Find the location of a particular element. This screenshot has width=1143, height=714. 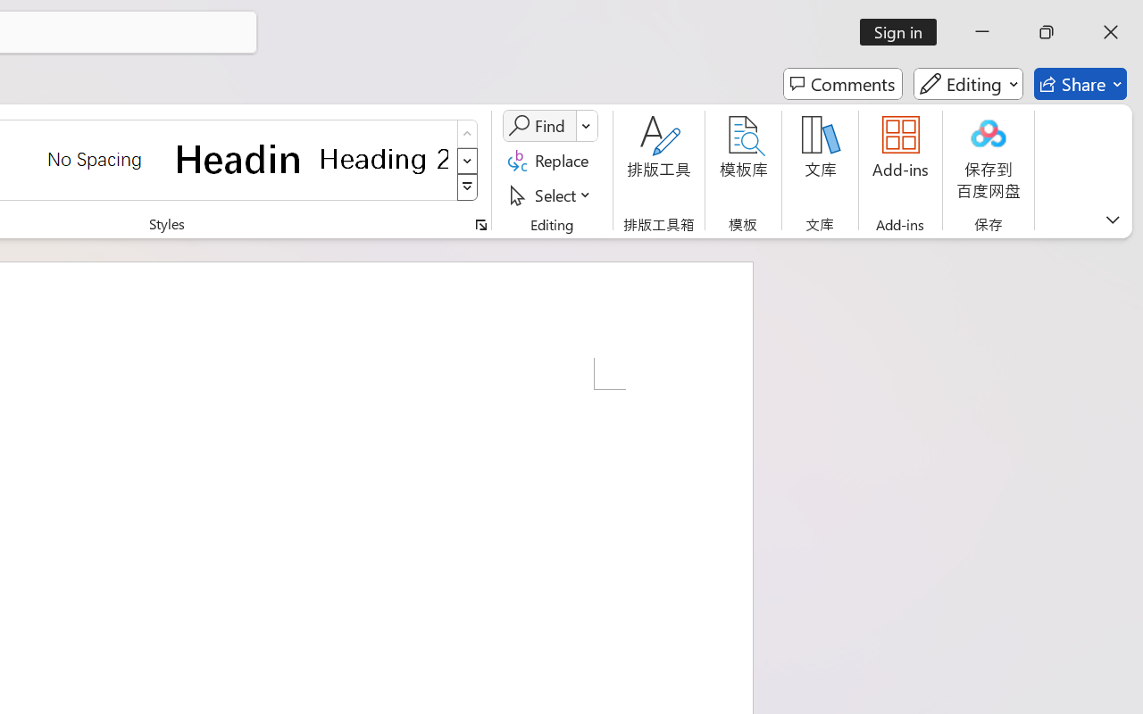

'Sign in' is located at coordinates (905, 31).